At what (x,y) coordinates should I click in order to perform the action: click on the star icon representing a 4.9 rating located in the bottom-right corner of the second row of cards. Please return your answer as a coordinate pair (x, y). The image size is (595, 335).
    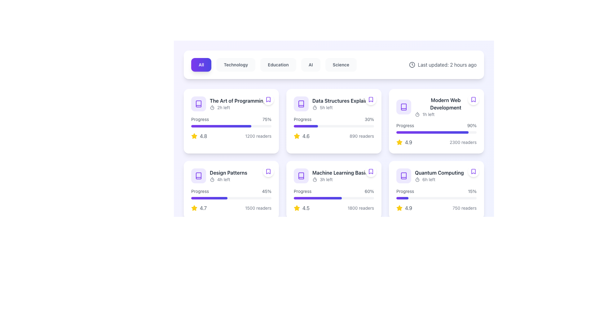
    Looking at the image, I should click on (399, 208).